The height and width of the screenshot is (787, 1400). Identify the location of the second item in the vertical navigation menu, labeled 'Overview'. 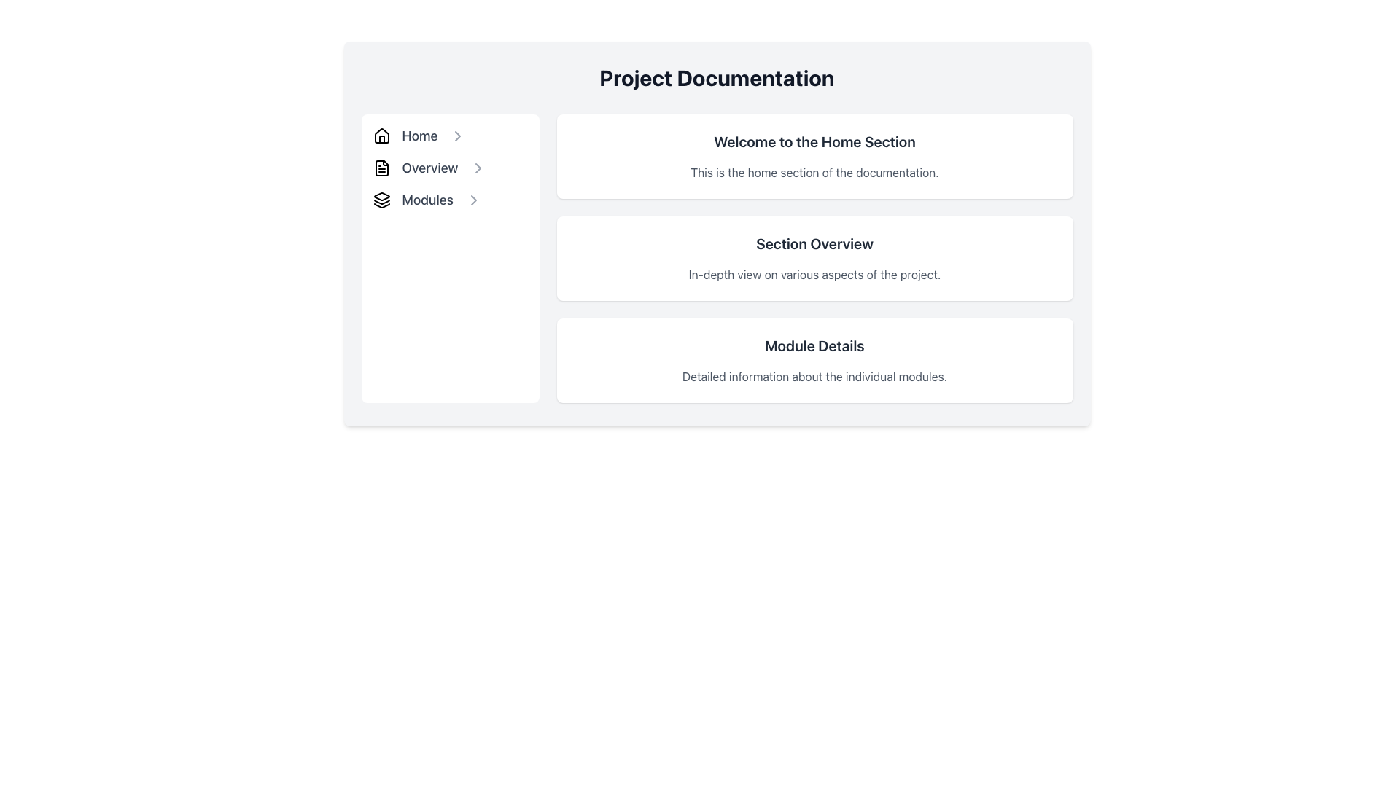
(449, 168).